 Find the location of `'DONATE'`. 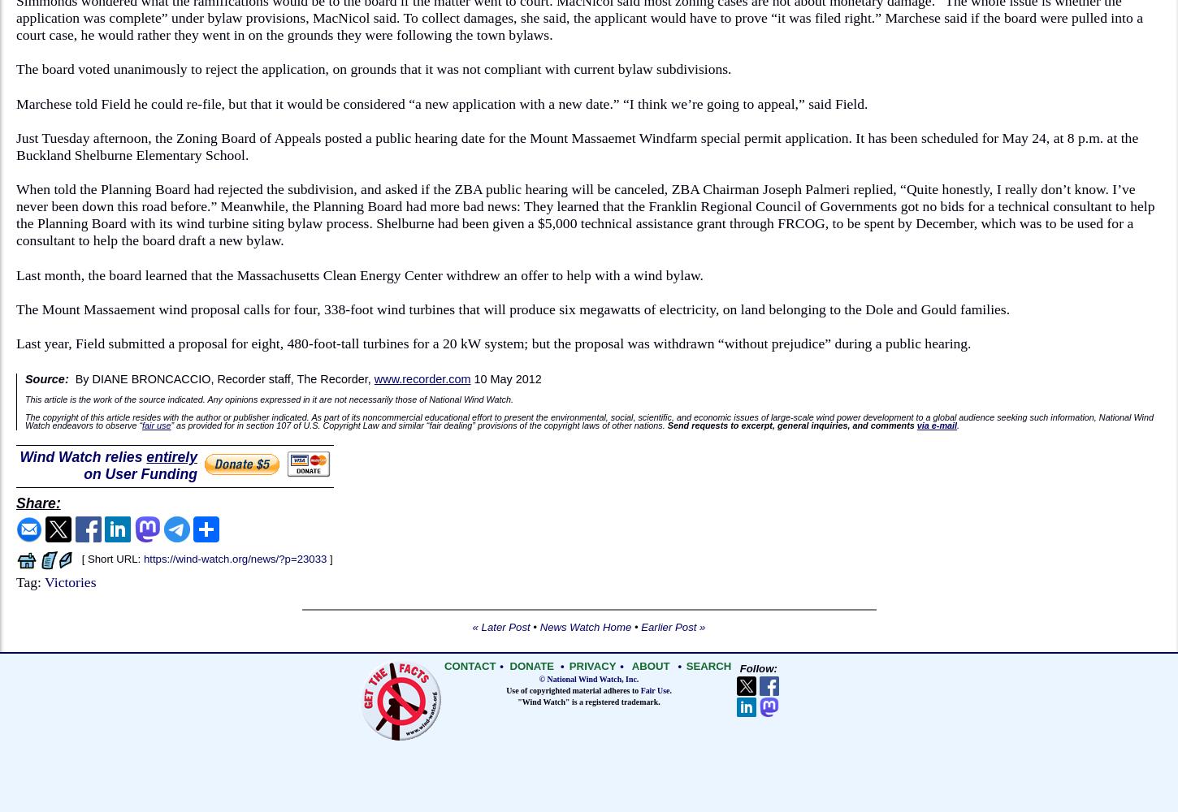

'DONATE' is located at coordinates (508, 664).